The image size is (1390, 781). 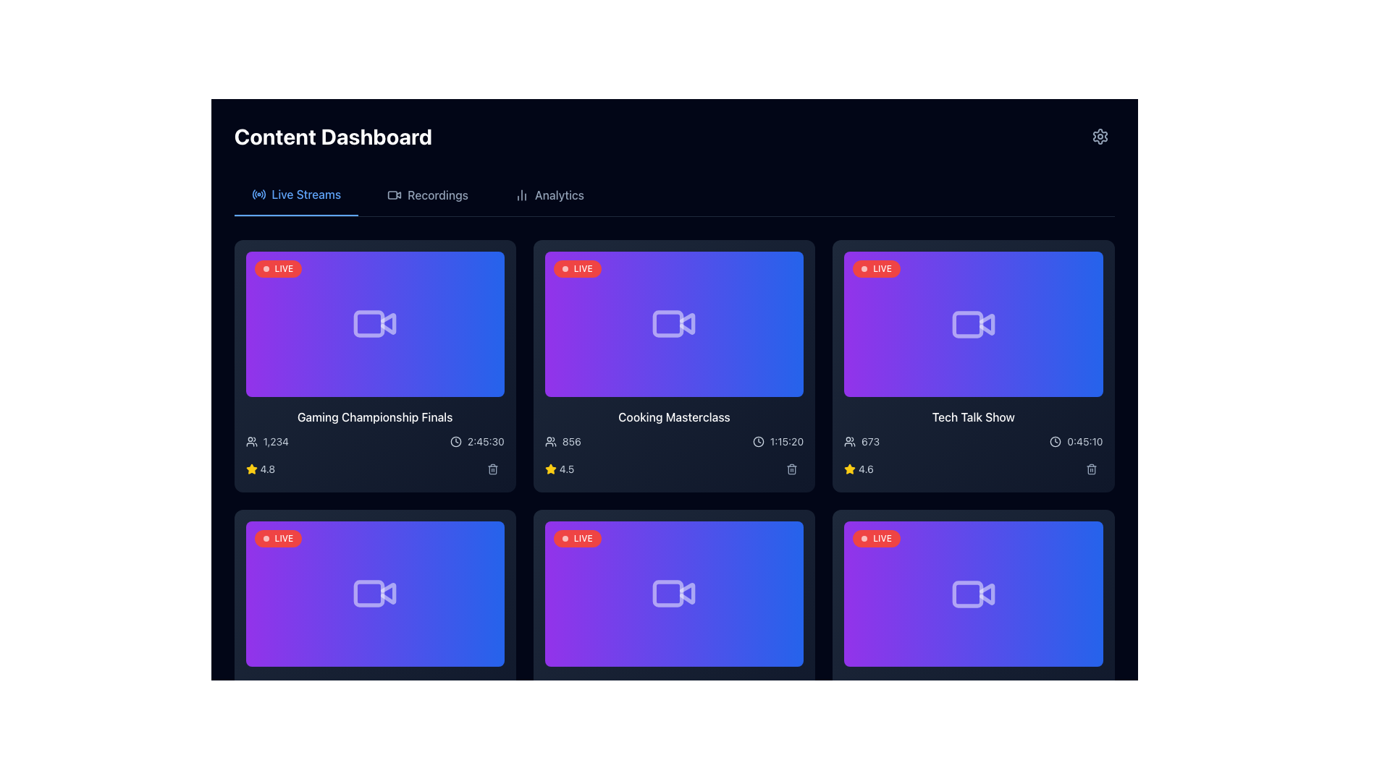 I want to click on the time icon representing the duration of the live stream for the 'Cooking Masterclass', which is located in the middle section of the dashboard interface, so click(x=757, y=440).